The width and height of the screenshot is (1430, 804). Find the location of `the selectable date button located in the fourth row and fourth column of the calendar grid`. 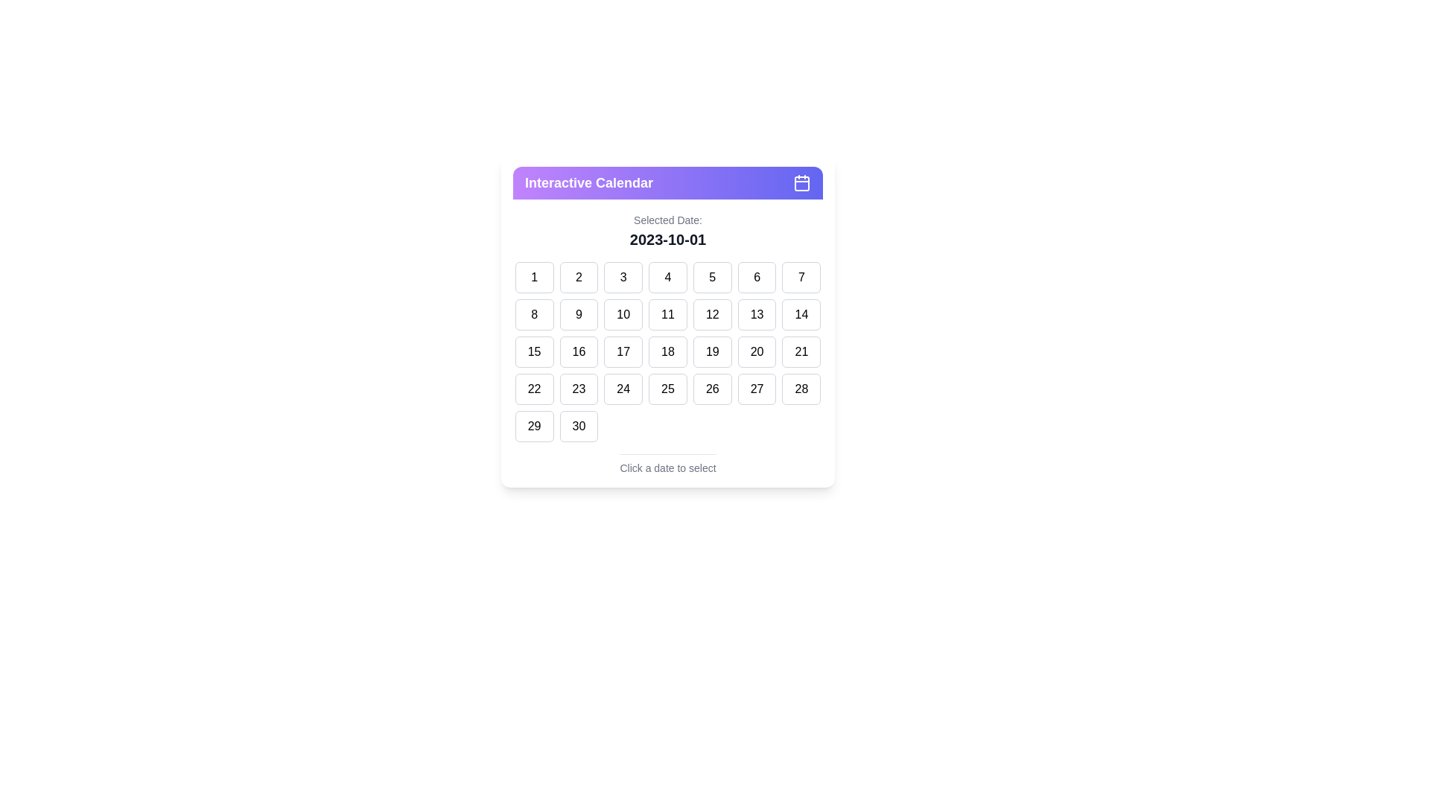

the selectable date button located in the fourth row and fourth column of the calendar grid is located at coordinates (667, 352).